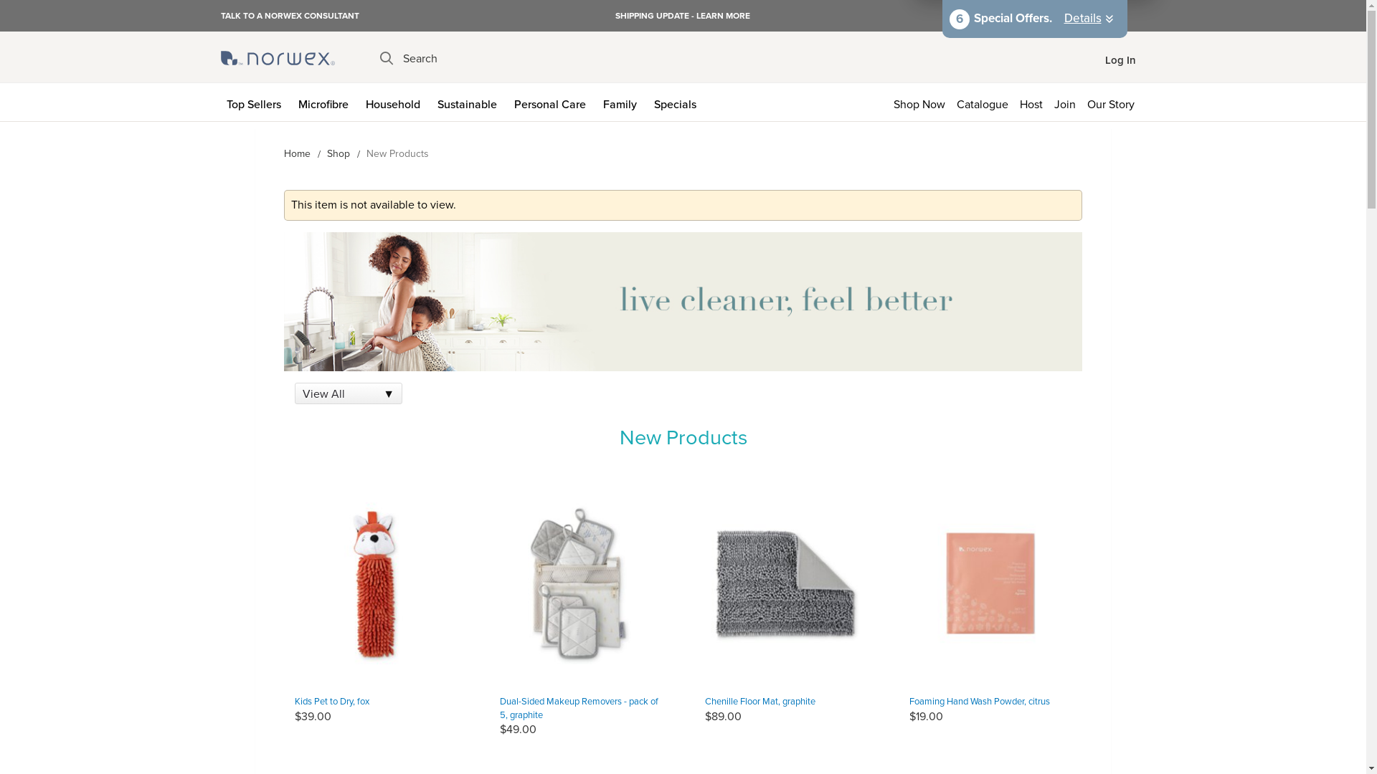 This screenshot has width=1377, height=774. I want to click on 'Our Story', so click(1113, 101).